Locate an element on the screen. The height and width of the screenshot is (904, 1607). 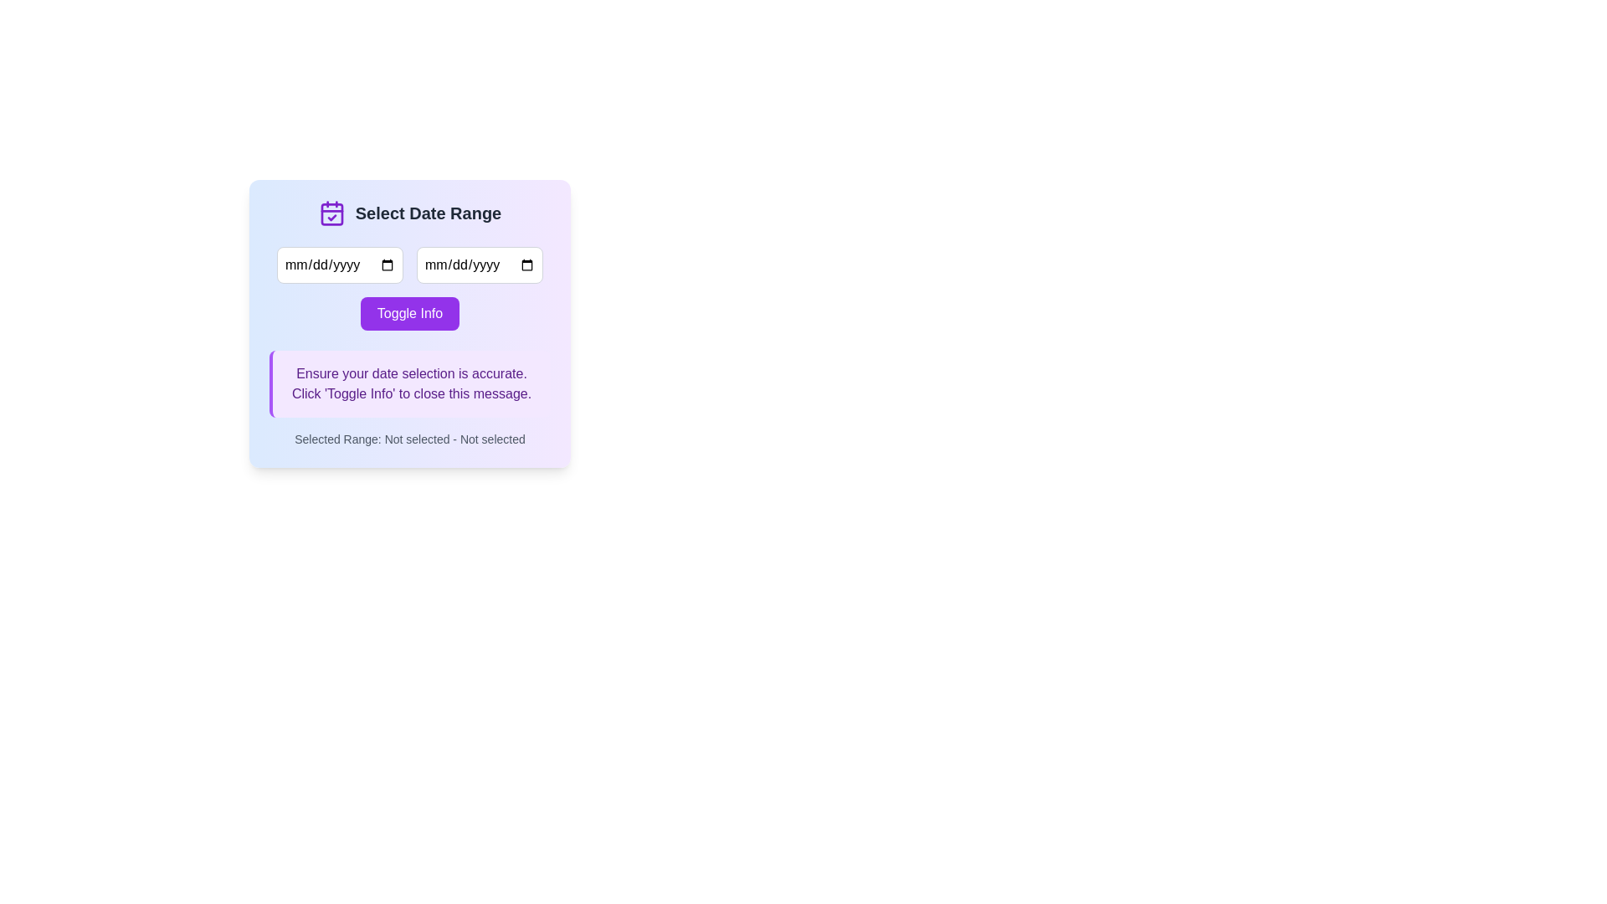
the Informational notification box with a rounded purple background that contains the message: 'Ensure your date selection is accurate. Click 'Toggle Info' to close this message.' is located at coordinates (409, 384).